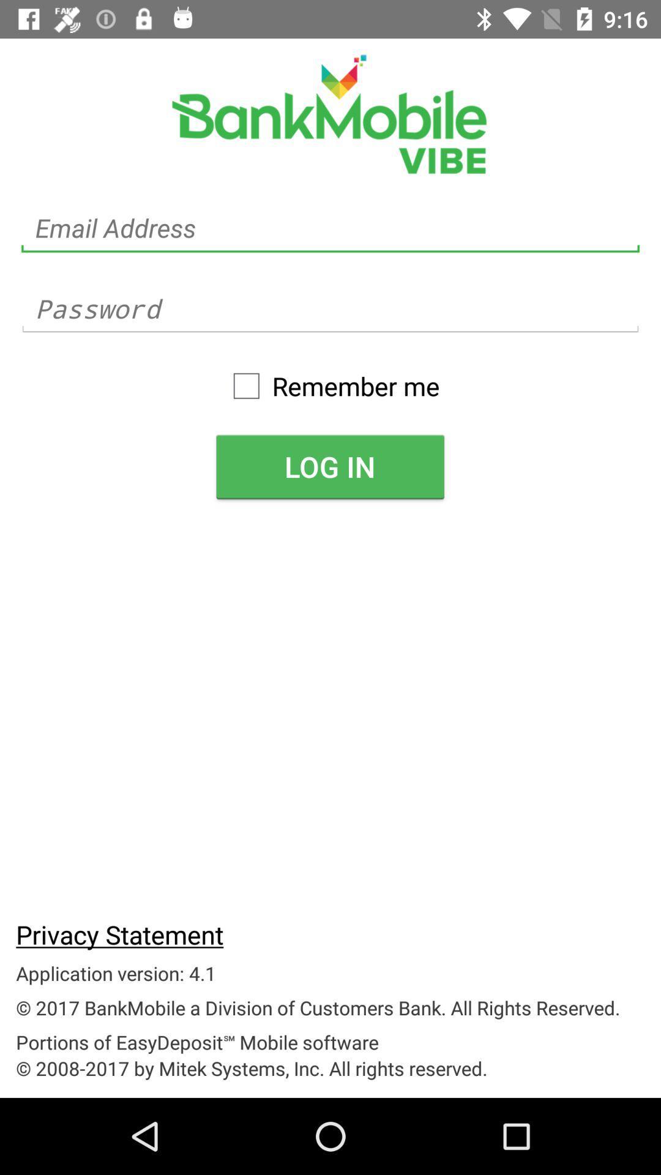 This screenshot has height=1175, width=661. What do you see at coordinates (330, 309) in the screenshot?
I see `the password` at bounding box center [330, 309].